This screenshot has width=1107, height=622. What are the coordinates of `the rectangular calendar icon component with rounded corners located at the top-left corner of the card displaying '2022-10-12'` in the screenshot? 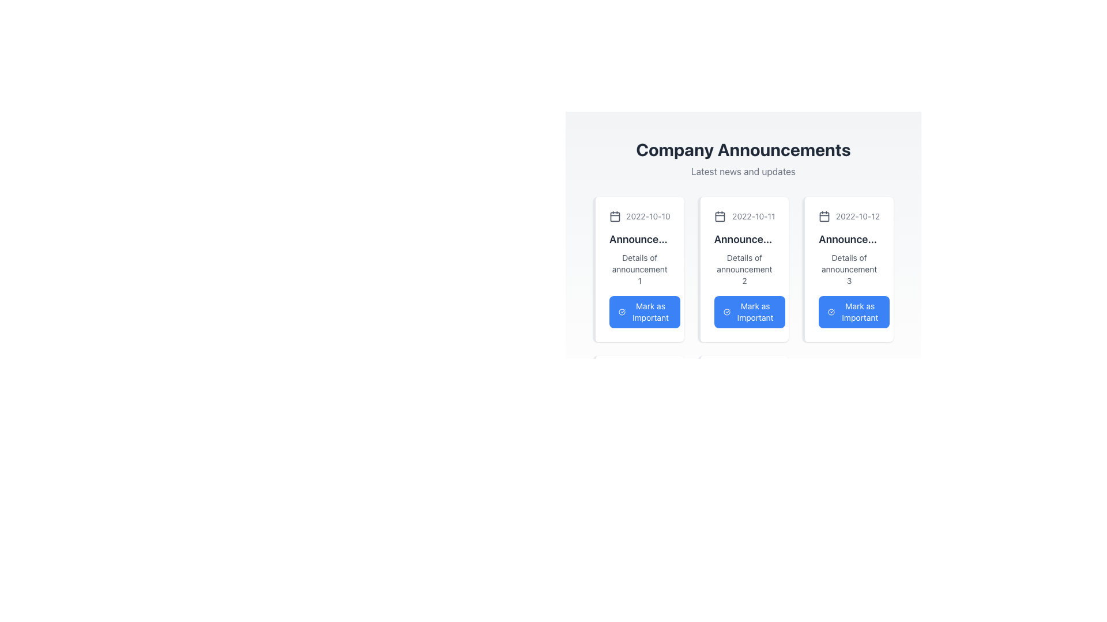 It's located at (824, 217).